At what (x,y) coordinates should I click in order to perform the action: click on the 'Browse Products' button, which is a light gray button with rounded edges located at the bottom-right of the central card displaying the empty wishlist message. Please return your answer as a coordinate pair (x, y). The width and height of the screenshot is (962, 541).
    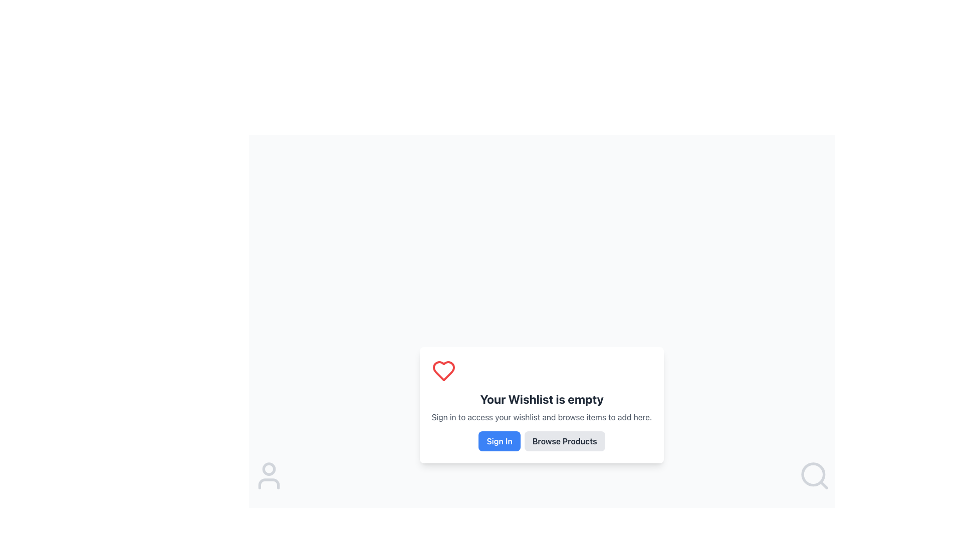
    Looking at the image, I should click on (565, 440).